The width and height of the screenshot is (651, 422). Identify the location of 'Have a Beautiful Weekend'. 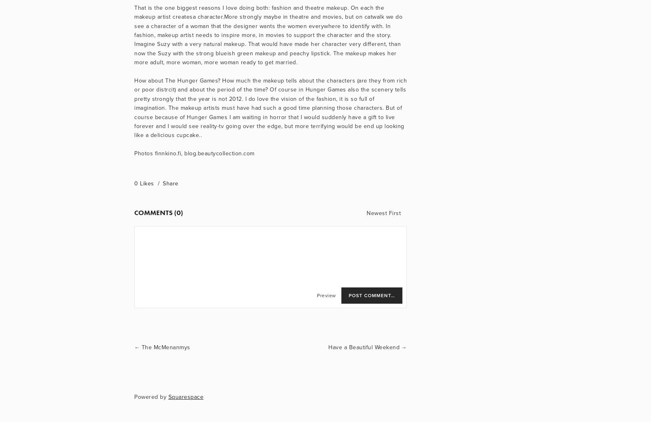
(363, 347).